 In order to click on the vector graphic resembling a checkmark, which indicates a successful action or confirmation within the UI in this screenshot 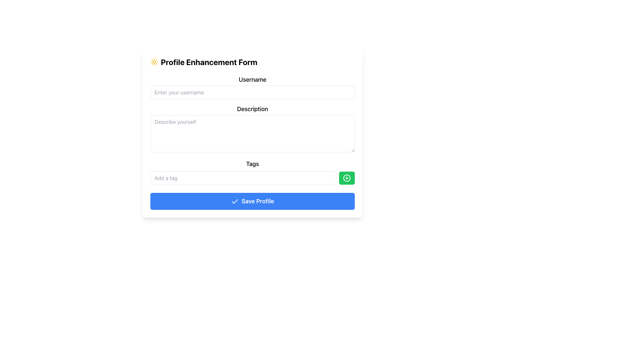, I will do `click(235, 201)`.